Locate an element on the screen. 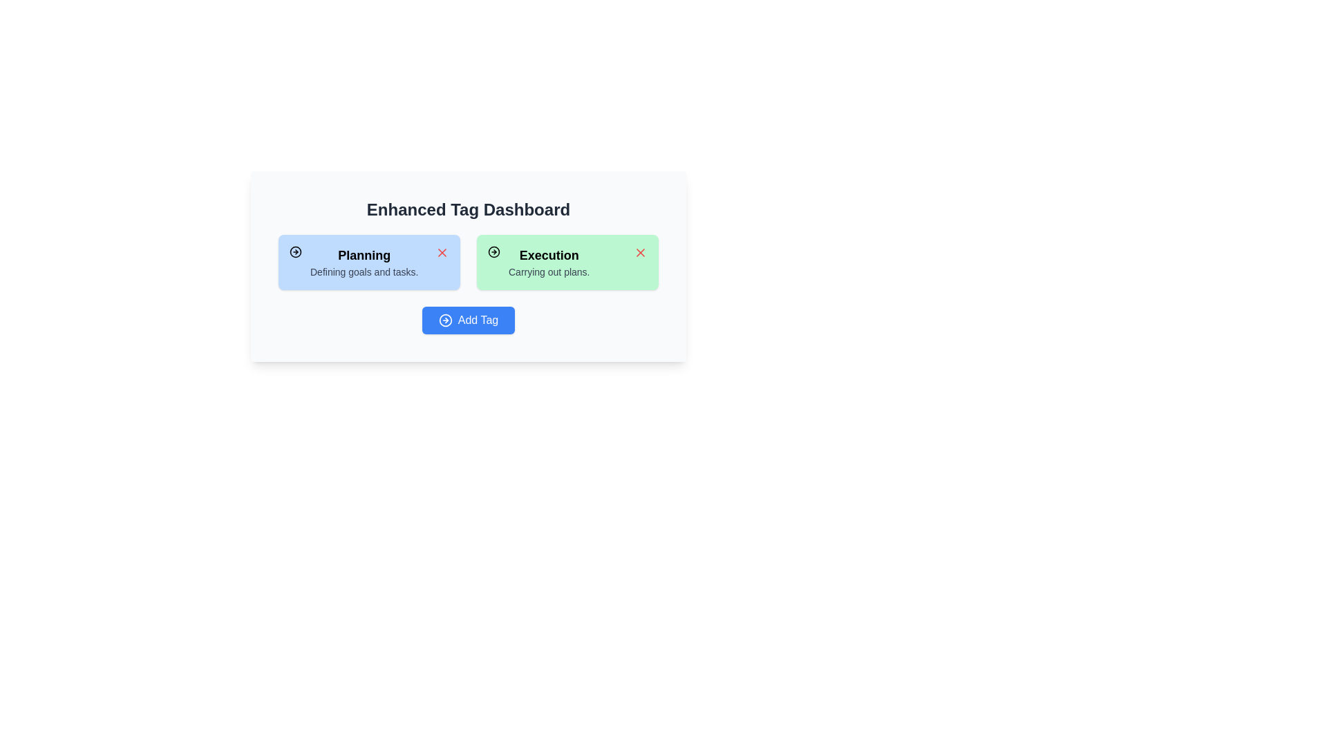 The image size is (1327, 746). the outermost circular SVG shape with a 2px wide stroke located within the 'Planning' card on the left side of the main interface is located at coordinates (294, 252).